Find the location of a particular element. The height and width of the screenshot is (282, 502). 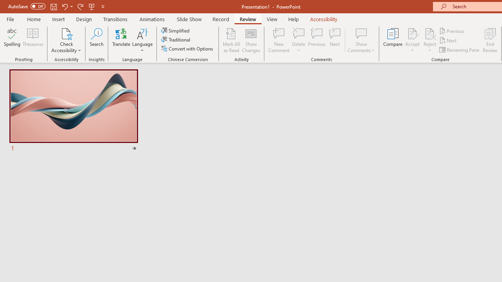

'Previous' is located at coordinates (452, 31).